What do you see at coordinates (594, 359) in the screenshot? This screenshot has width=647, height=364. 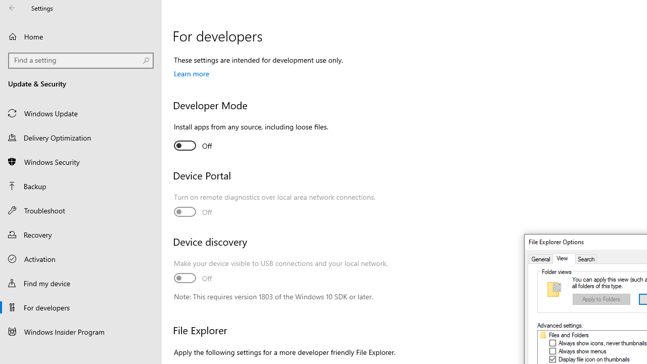 I see `'Display file icon on thumbnails'` at bounding box center [594, 359].